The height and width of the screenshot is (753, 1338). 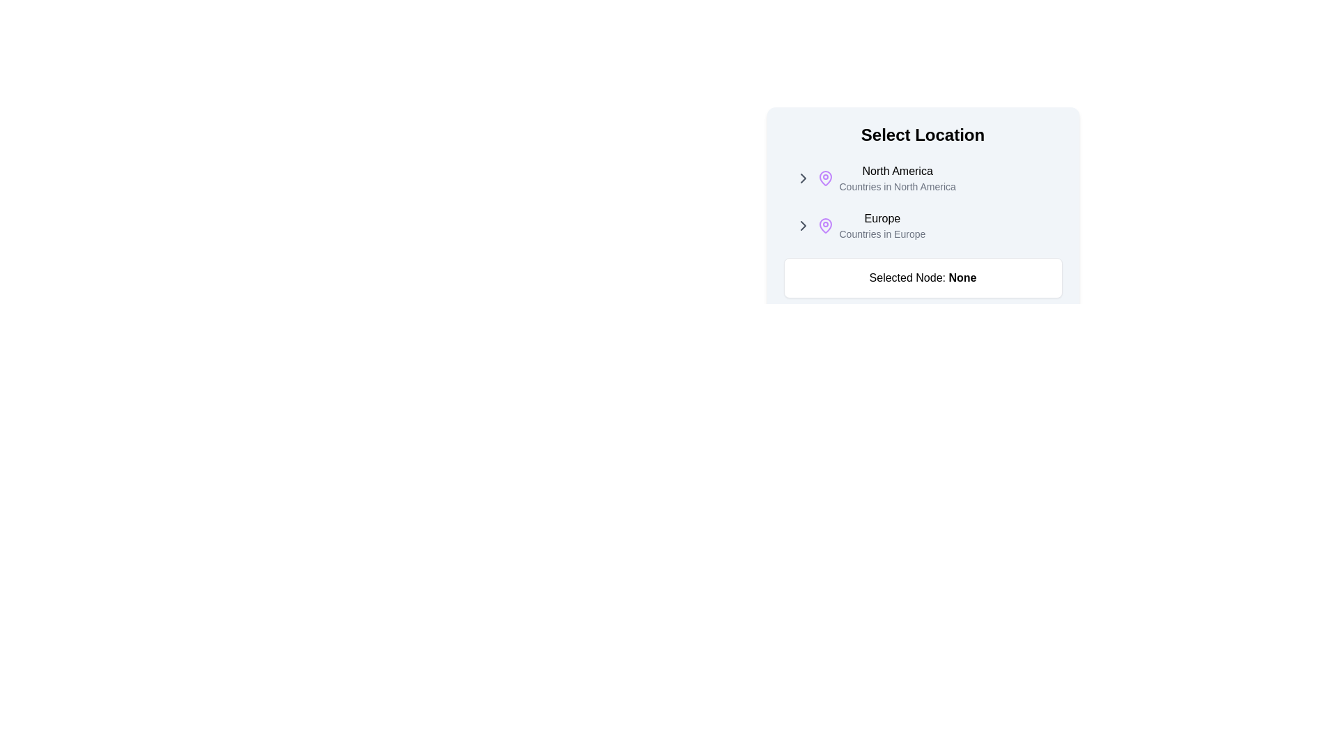 I want to click on the purple pin icon located to the left of the 'Europe' row in the 'Select Location' section, so click(x=825, y=225).